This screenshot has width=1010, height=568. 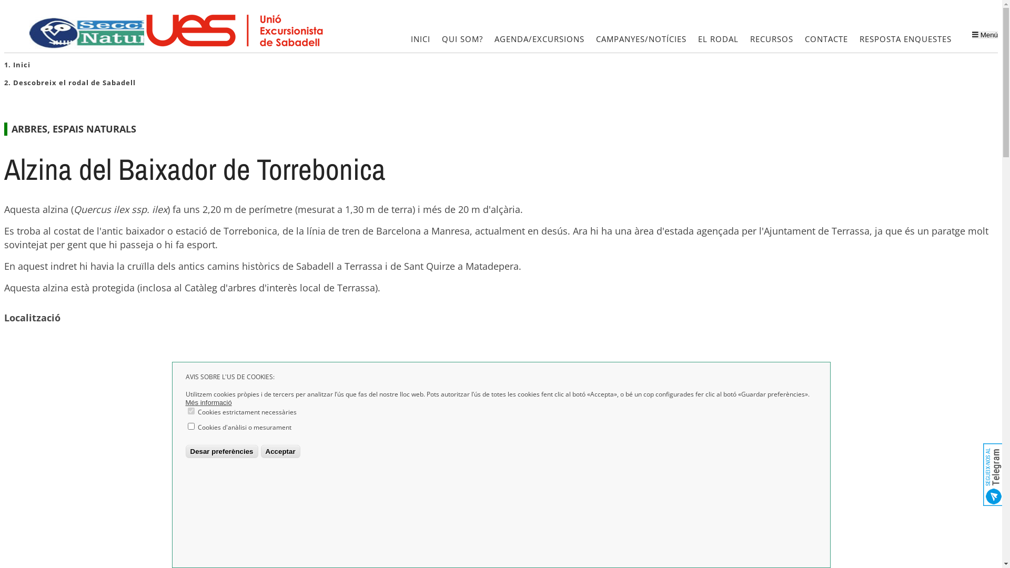 What do you see at coordinates (718, 39) in the screenshot?
I see `'EL RODAL'` at bounding box center [718, 39].